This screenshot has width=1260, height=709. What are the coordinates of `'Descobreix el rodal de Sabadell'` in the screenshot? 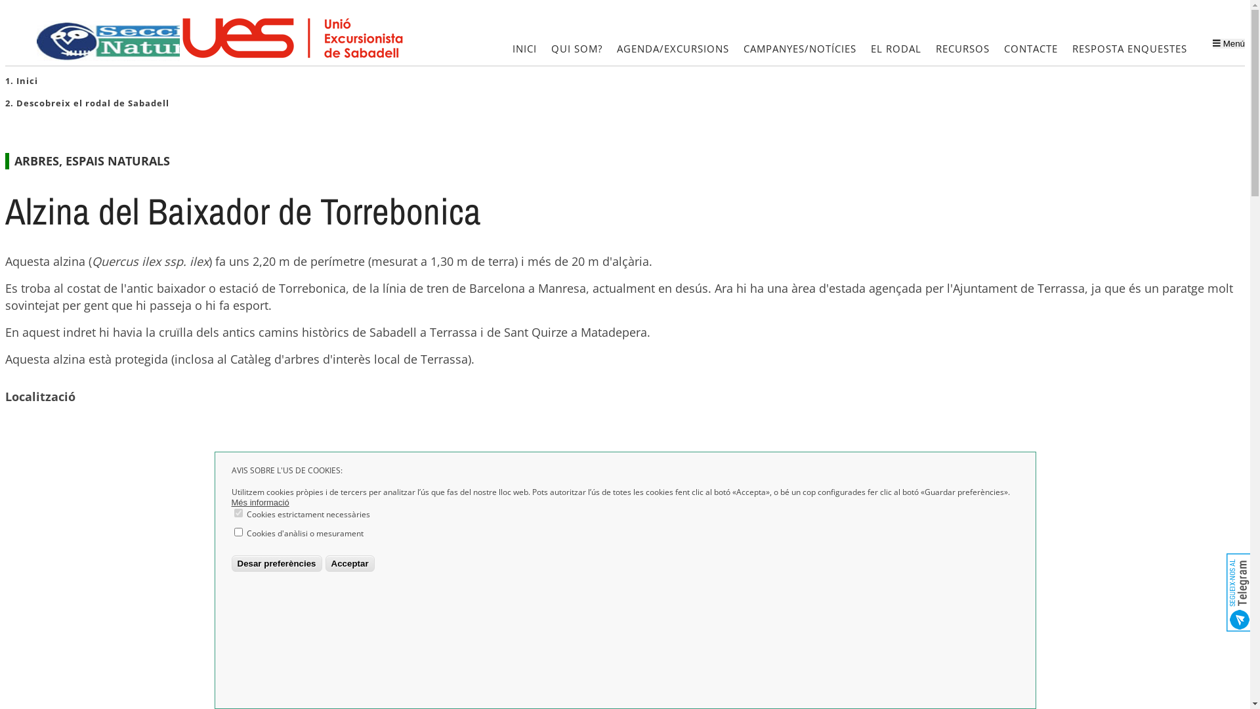 It's located at (92, 102).